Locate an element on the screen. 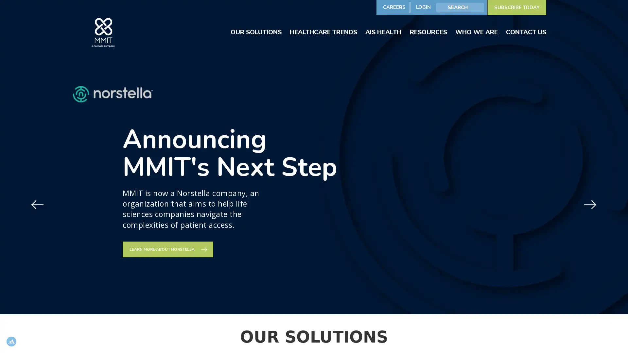 This screenshot has height=353, width=628. Open accessibility options, statement and help is located at coordinates (11, 341).